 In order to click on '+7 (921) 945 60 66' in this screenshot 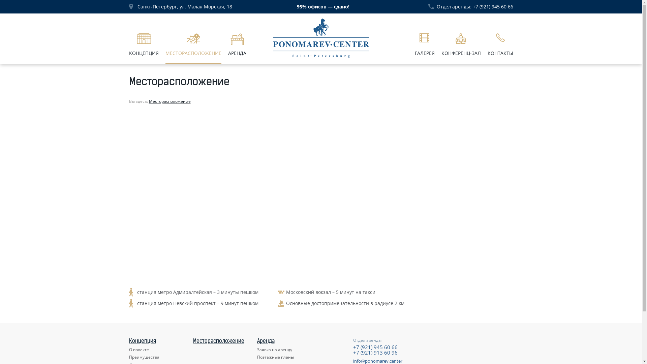, I will do `click(493, 6)`.